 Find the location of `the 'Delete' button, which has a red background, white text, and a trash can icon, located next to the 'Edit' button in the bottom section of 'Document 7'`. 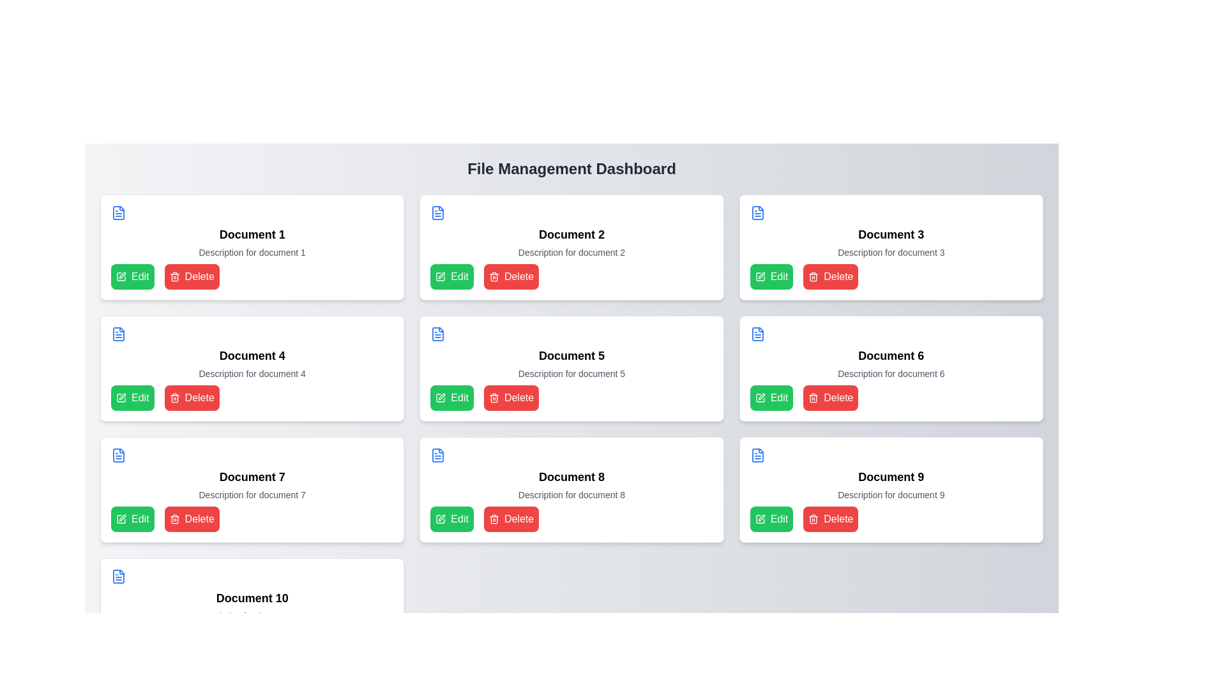

the 'Delete' button, which has a red background, white text, and a trash can icon, located next to the 'Edit' button in the bottom section of 'Document 7' is located at coordinates (191, 519).